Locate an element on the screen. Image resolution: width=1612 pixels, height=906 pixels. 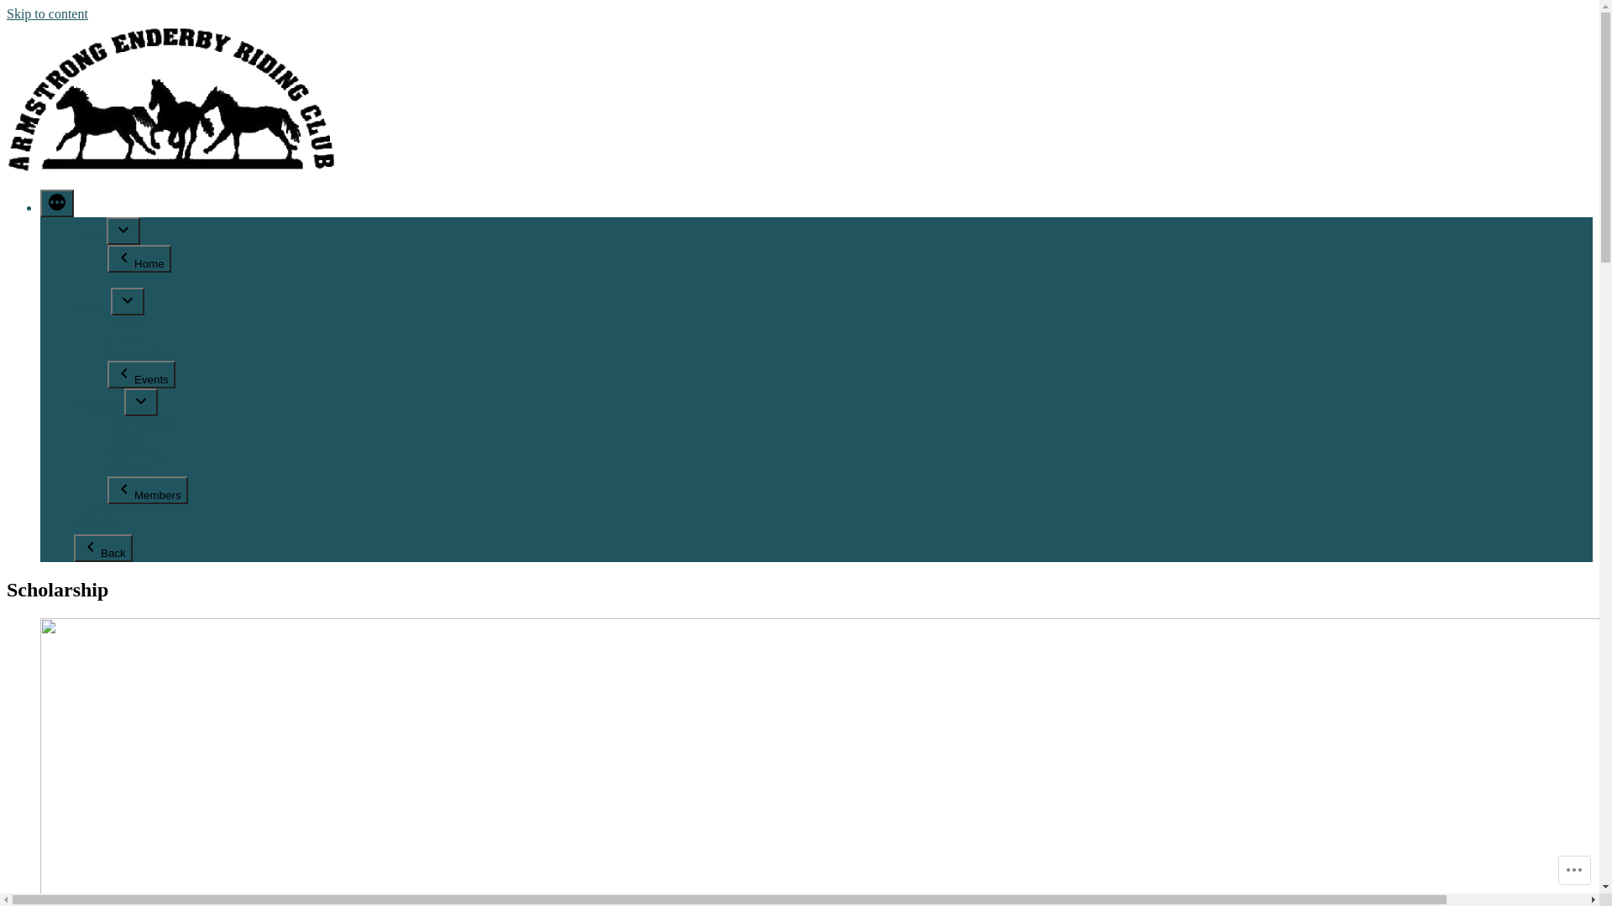
'Membership' is located at coordinates (107, 422).